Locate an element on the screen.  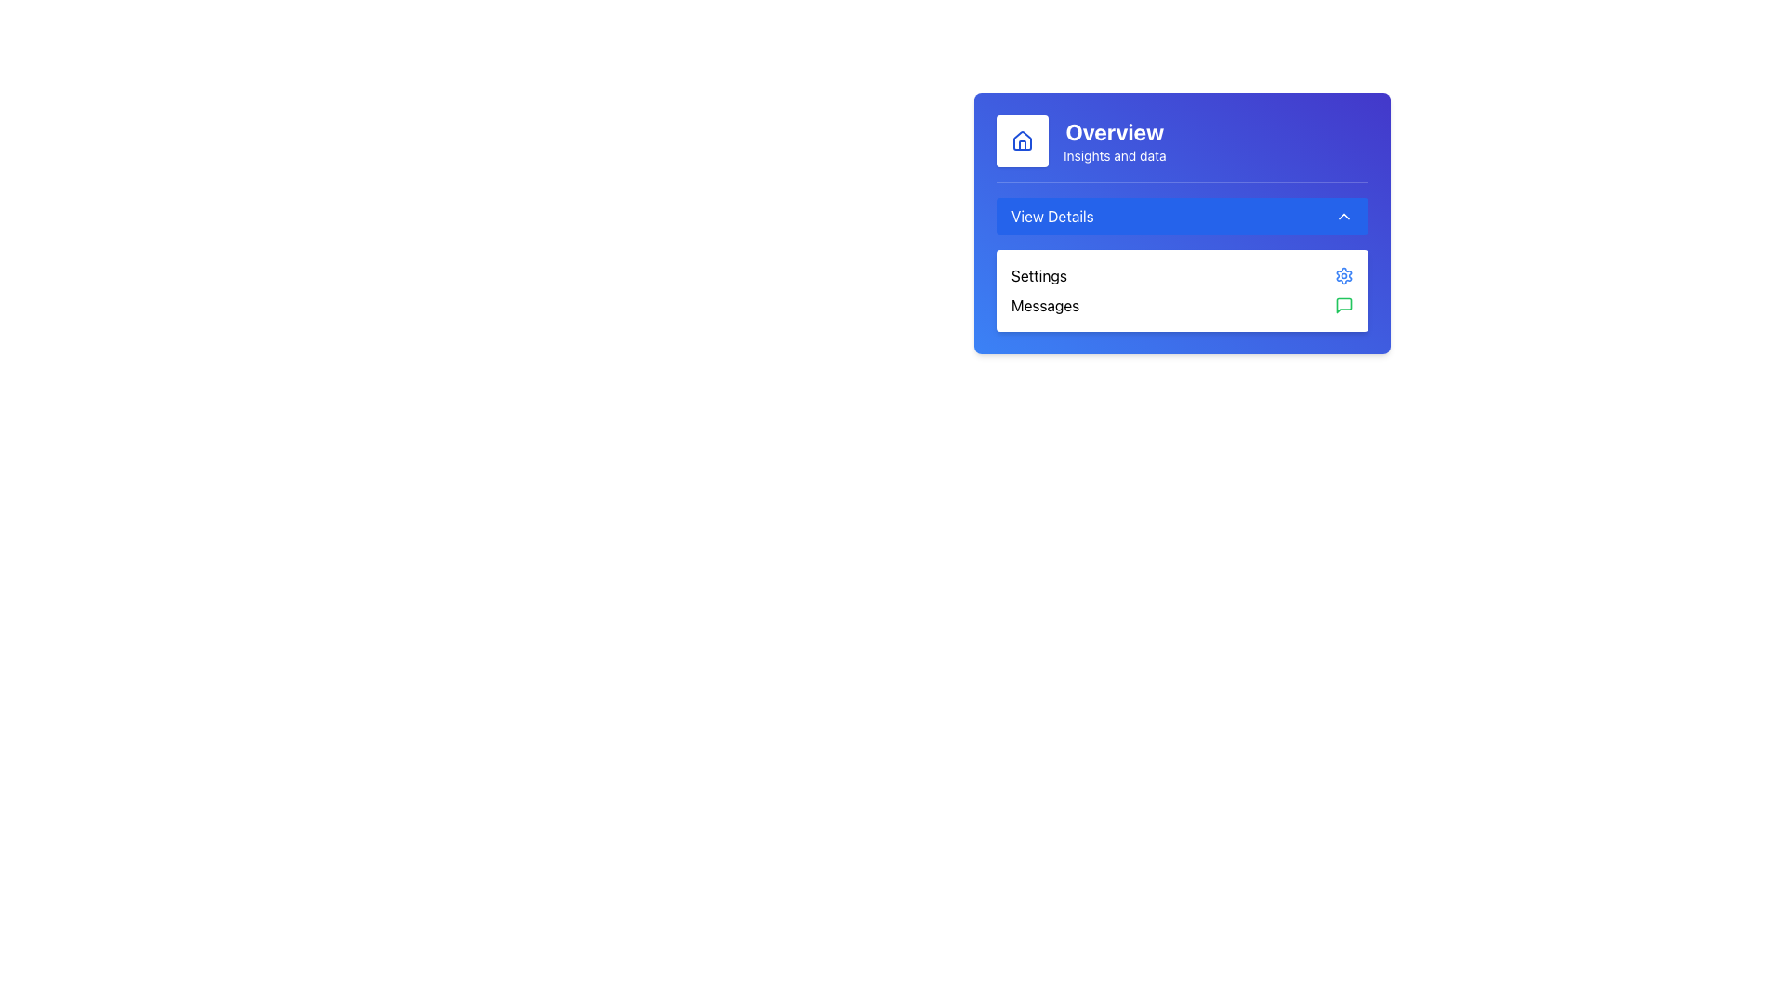
the communication icon located to the right of the 'Messages' label is located at coordinates (1343, 304).